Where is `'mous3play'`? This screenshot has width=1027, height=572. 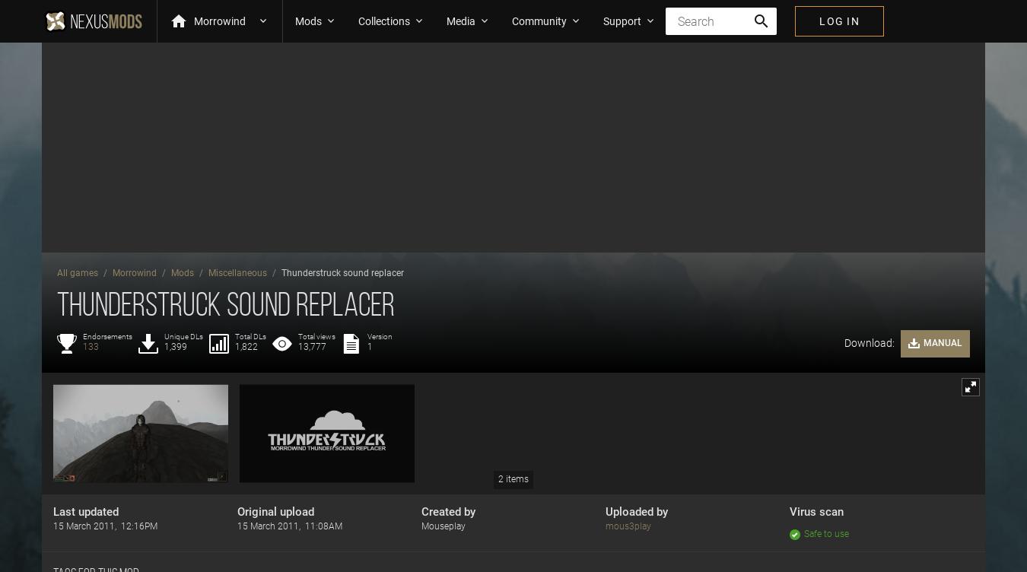 'mous3play' is located at coordinates (628, 525).